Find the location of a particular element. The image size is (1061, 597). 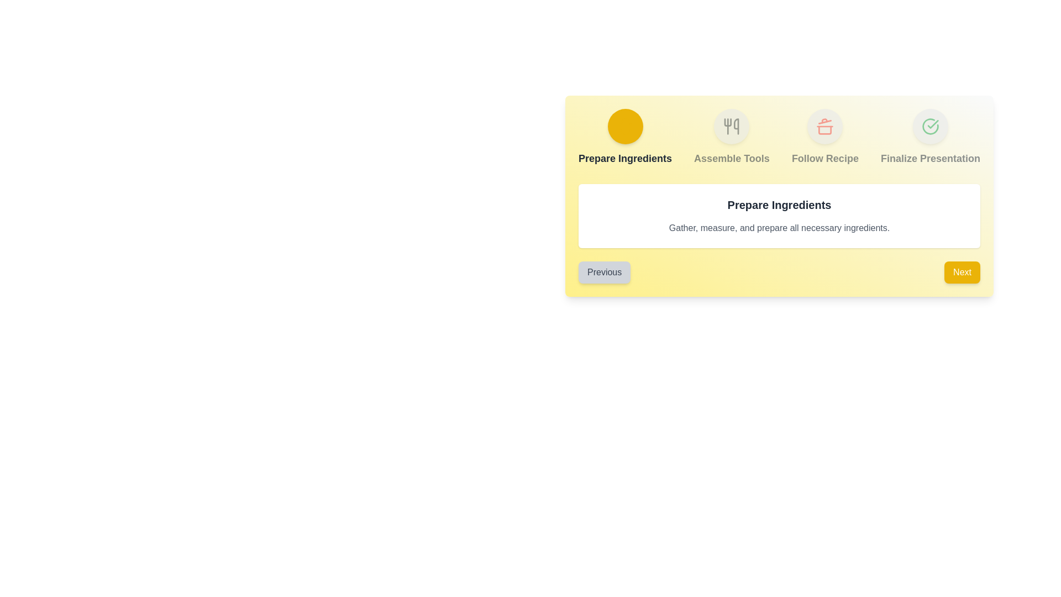

the navigational element featuring a red cooking pot icon and the text label 'Follow Recipe', which is the third element in a sequence of four horizontally arranged groupings is located at coordinates (825, 137).